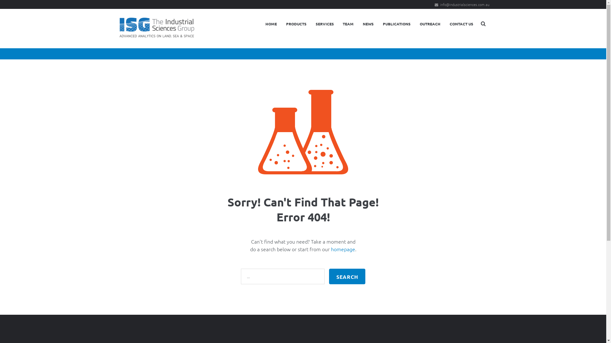  I want to click on 'Start search', so click(347, 276).